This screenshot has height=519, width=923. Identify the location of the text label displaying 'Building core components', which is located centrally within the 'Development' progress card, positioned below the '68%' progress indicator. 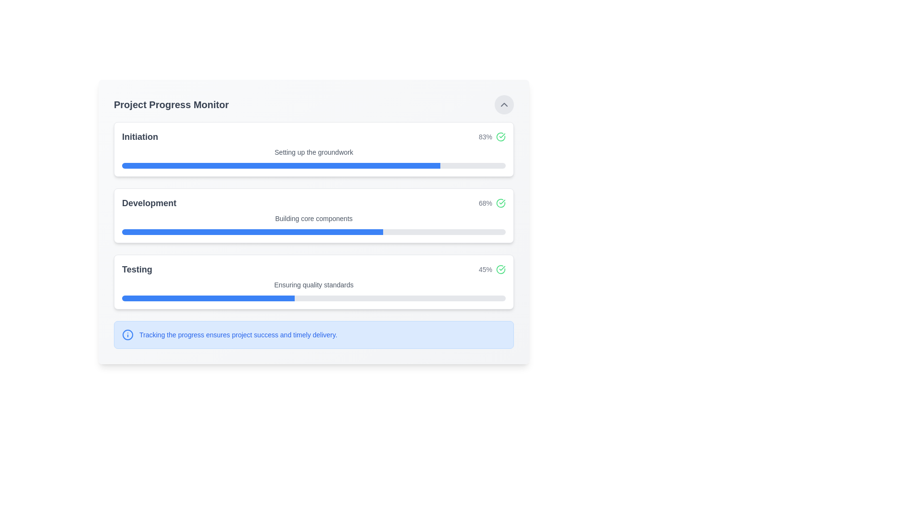
(313, 219).